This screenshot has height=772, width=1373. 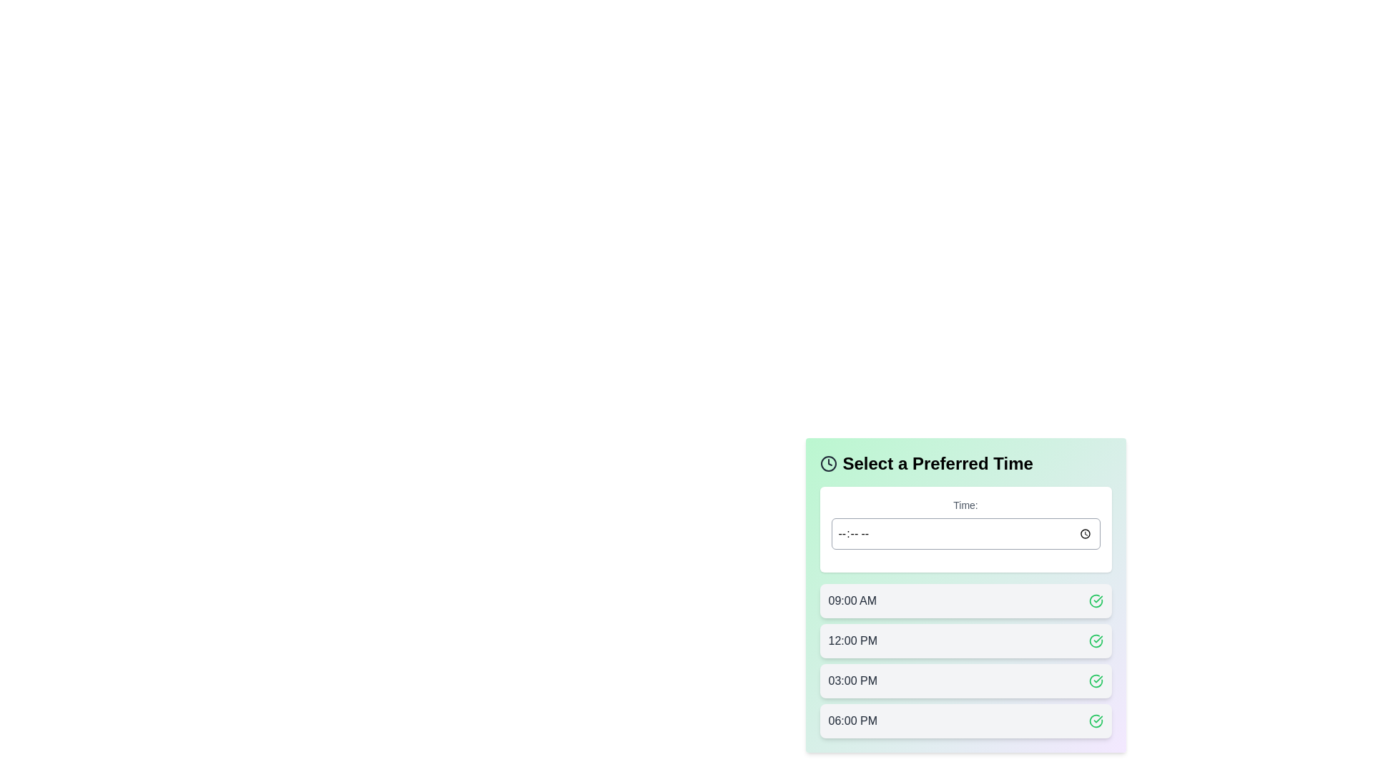 I want to click on the selectable time option '03:00 PM' in the list, so click(x=965, y=680).